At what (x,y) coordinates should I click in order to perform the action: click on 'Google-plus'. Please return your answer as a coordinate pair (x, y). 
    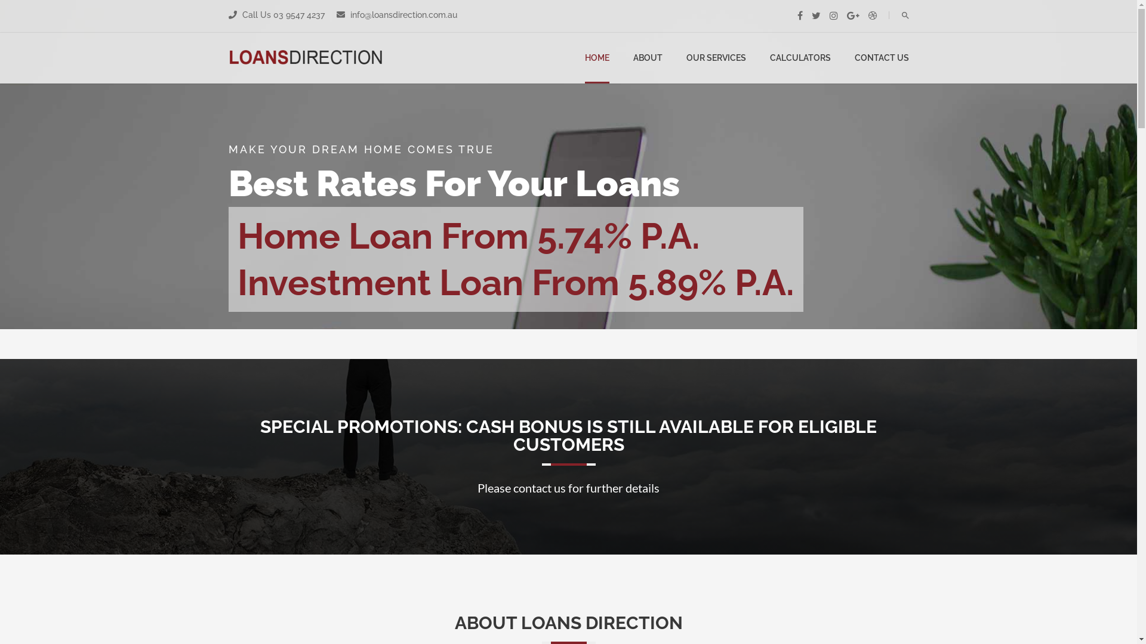
    Looking at the image, I should click on (845, 16).